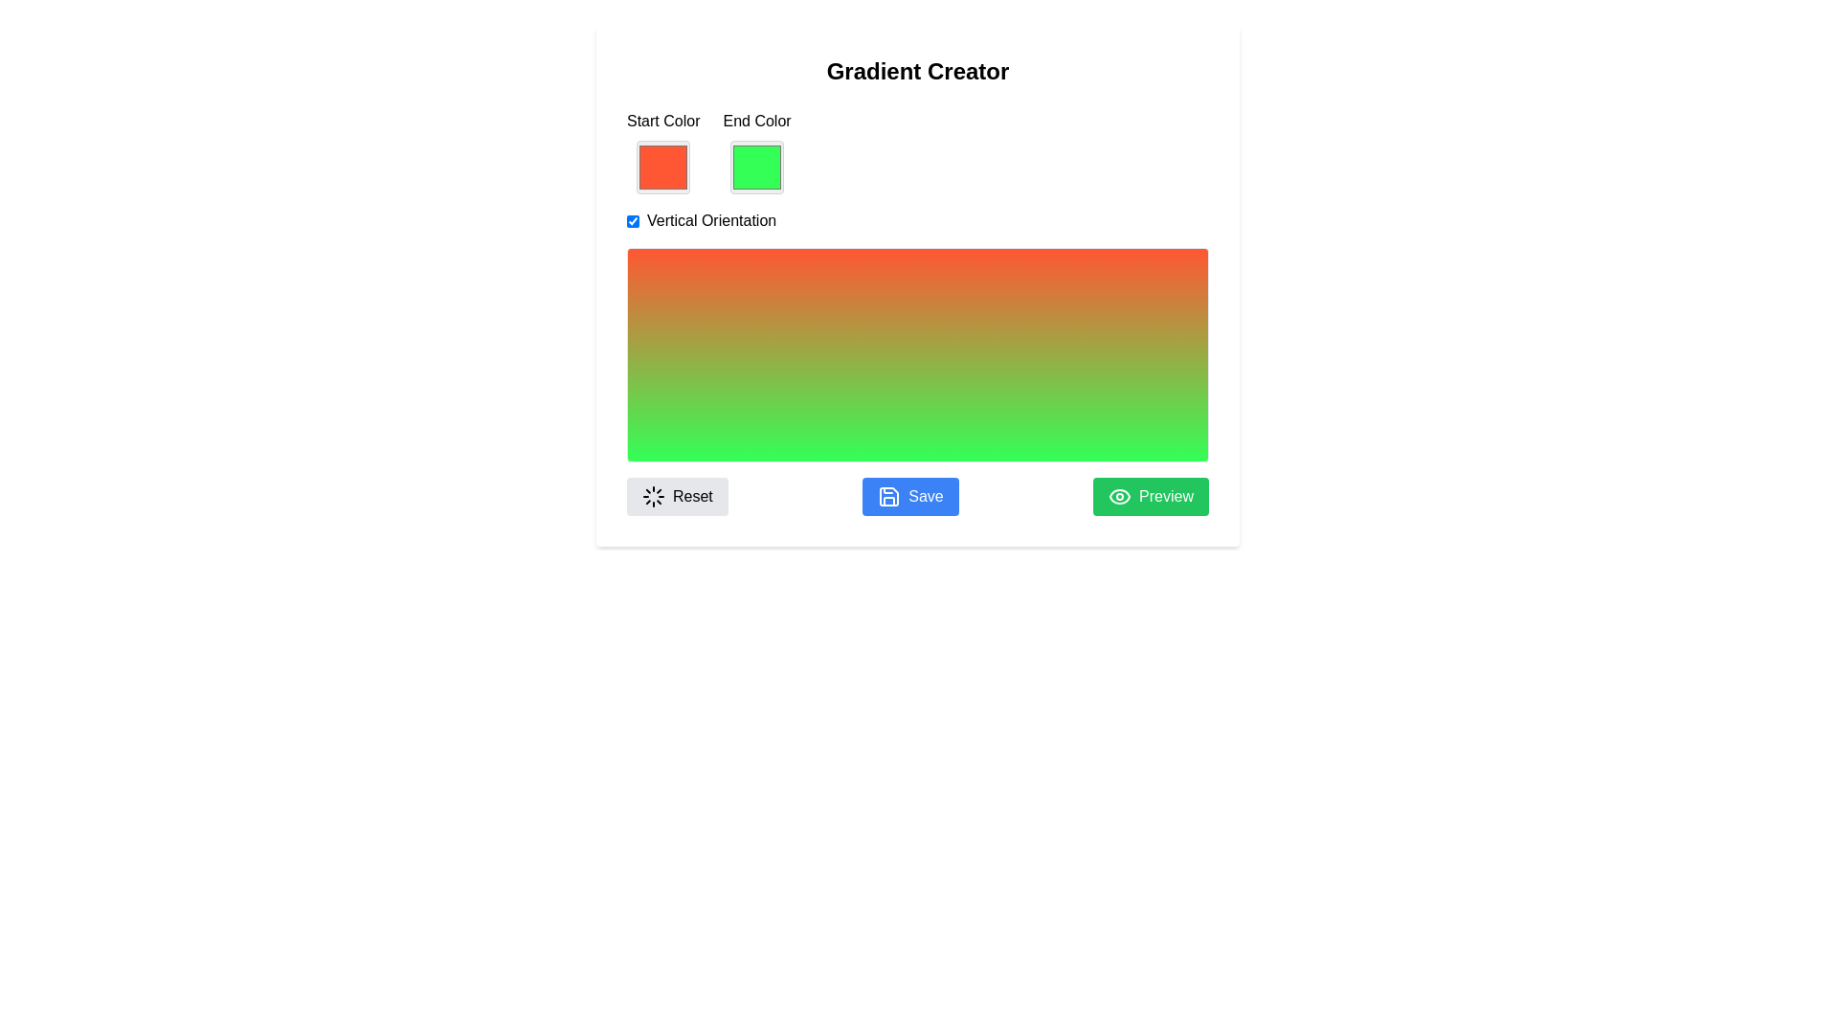 This screenshot has height=1034, width=1838. Describe the element at coordinates (653, 496) in the screenshot. I see `the animated circular loader icon located within the 'Reset' button at the bottom-left corner of the main interface` at that location.